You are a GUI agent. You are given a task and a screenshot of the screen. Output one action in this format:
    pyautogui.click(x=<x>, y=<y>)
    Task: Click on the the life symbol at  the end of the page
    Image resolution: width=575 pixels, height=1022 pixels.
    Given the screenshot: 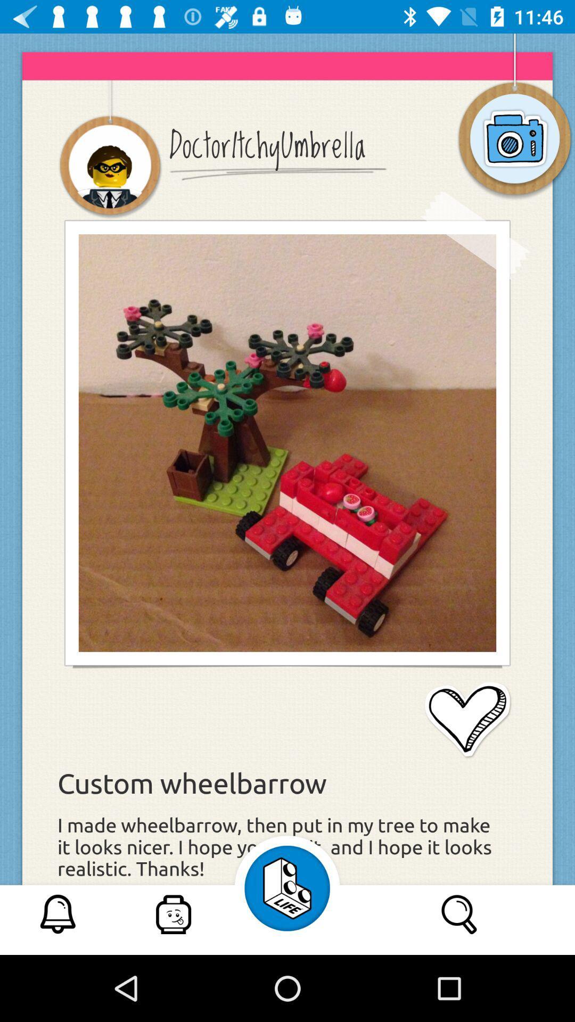 What is the action you would take?
    pyautogui.click(x=287, y=888)
    